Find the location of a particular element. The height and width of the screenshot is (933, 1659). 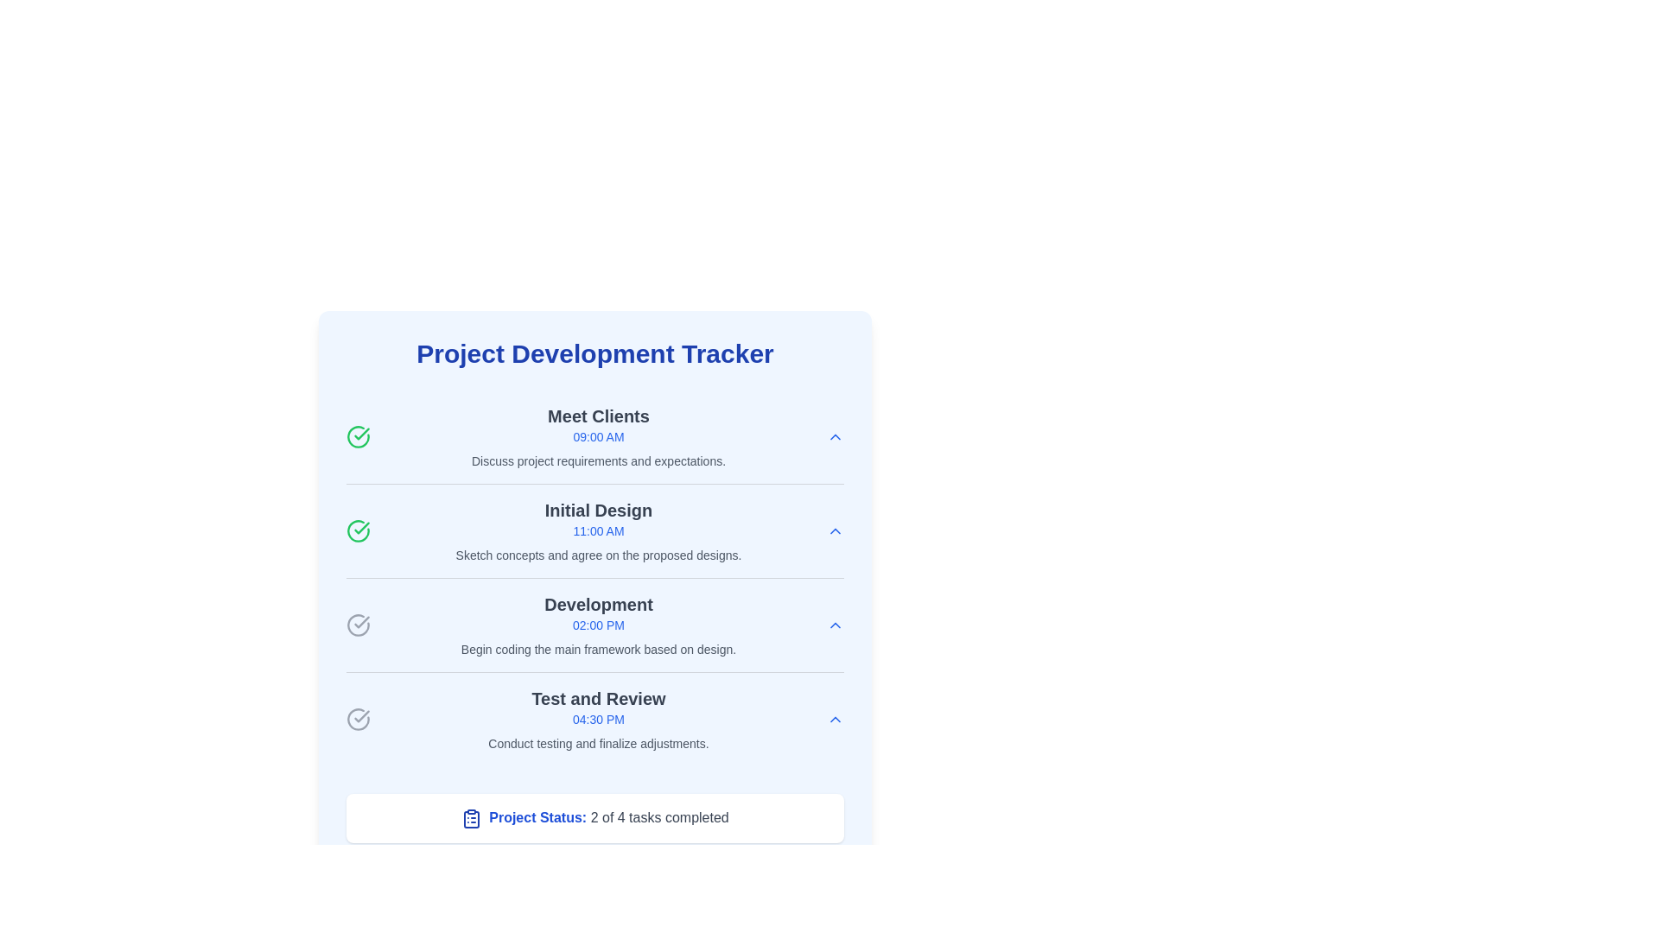

the small, stylized checkmark icon within a circular border, located near the bottom-left corner of the 'Test and Review' item in the vertical task list is located at coordinates (361, 716).